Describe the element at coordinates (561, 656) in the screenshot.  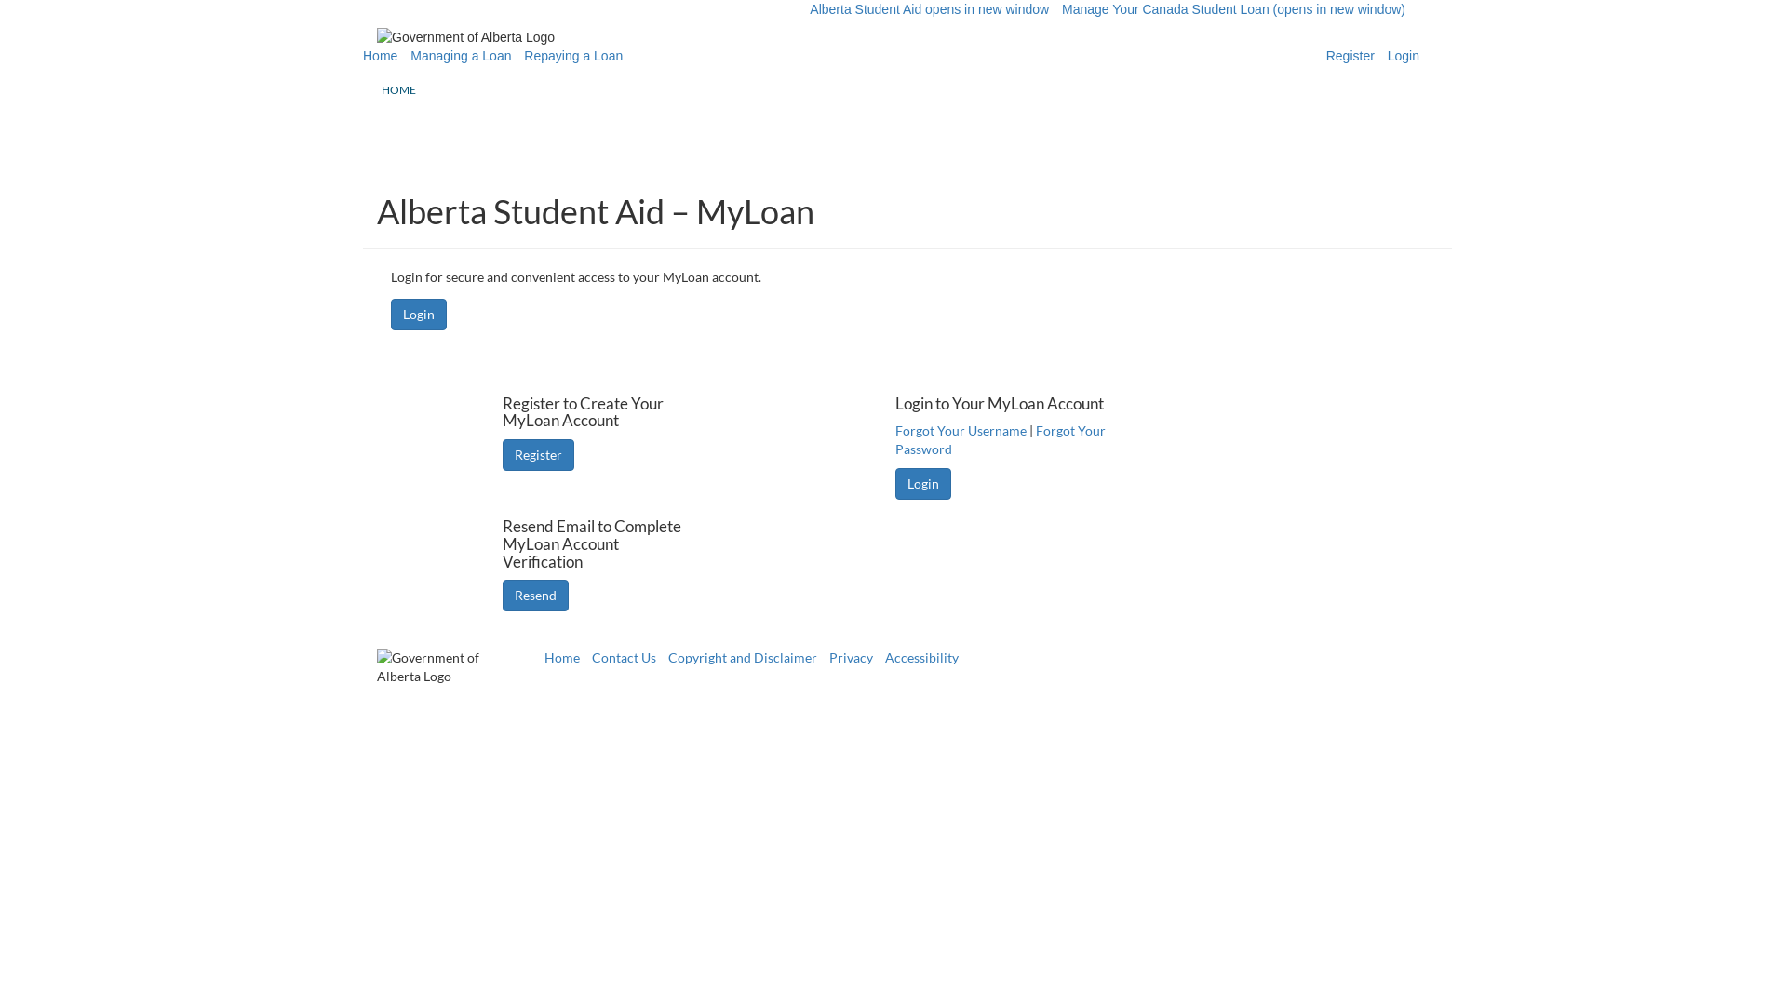
I see `'Home'` at that location.